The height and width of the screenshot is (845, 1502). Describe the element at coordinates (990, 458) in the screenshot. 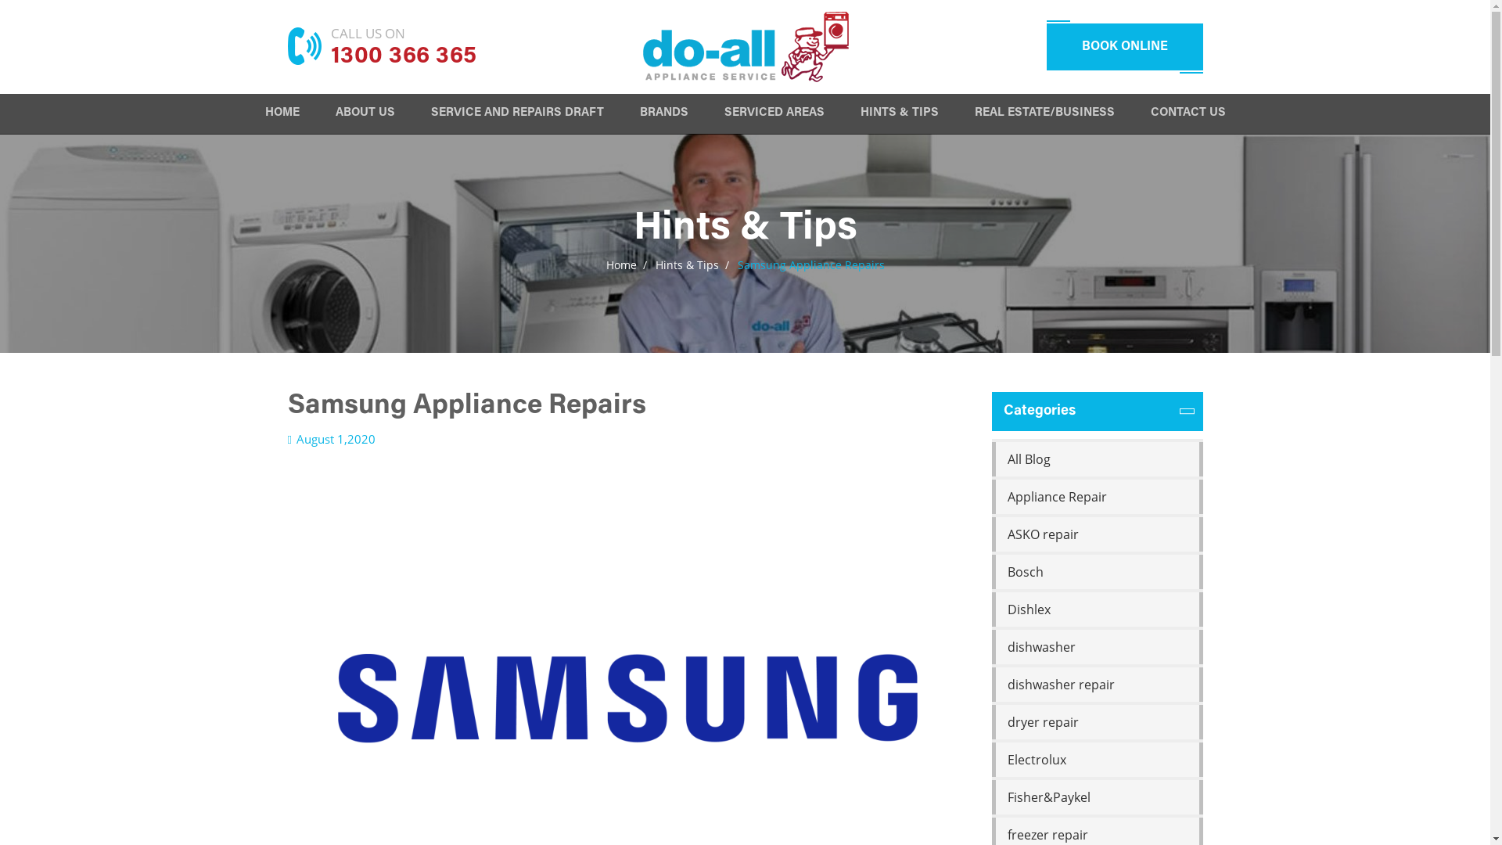

I see `'All Blog'` at that location.